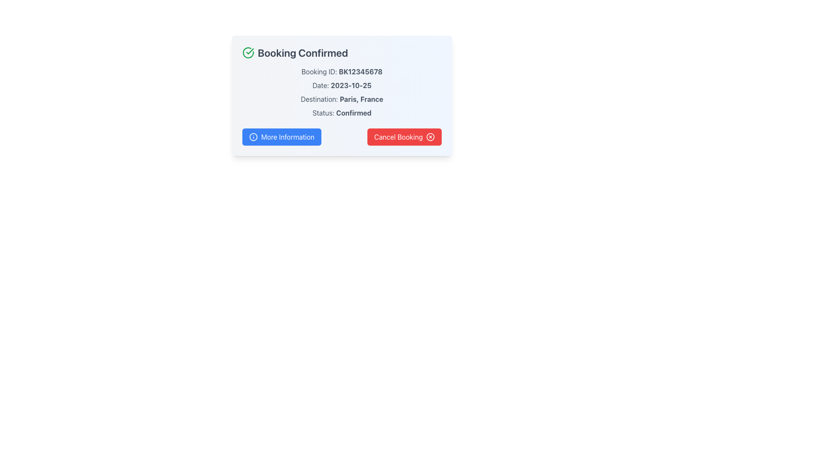 The height and width of the screenshot is (464, 825). I want to click on the text label displaying 'Booking ID: BK12345678', which is styled in gray and is the first entry under 'Booking Confirmed', so click(342, 71).